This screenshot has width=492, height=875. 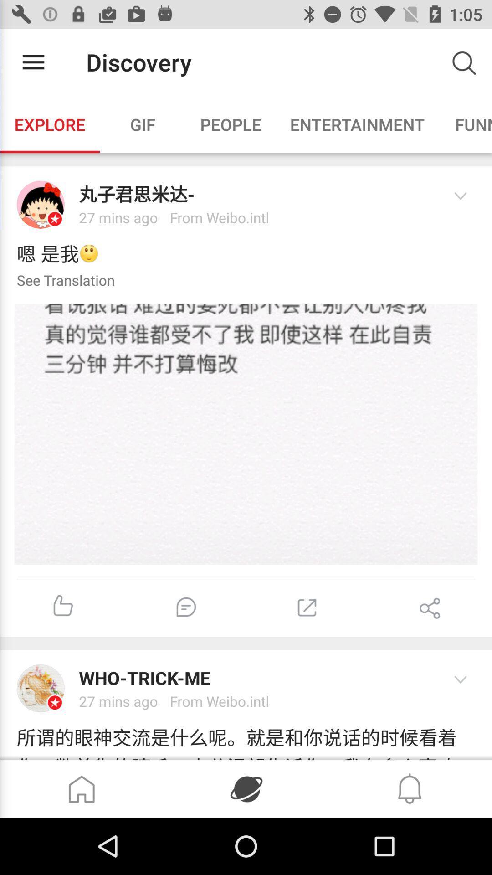 I want to click on the app to the left of discovery, so click(x=33, y=62).